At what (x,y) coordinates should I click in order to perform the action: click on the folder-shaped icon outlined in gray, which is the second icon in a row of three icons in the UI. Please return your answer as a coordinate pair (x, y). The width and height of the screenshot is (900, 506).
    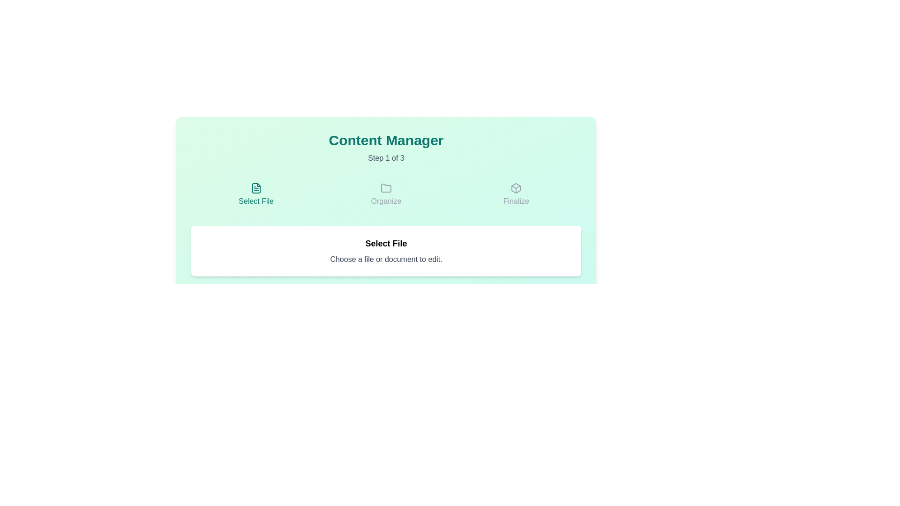
    Looking at the image, I should click on (386, 188).